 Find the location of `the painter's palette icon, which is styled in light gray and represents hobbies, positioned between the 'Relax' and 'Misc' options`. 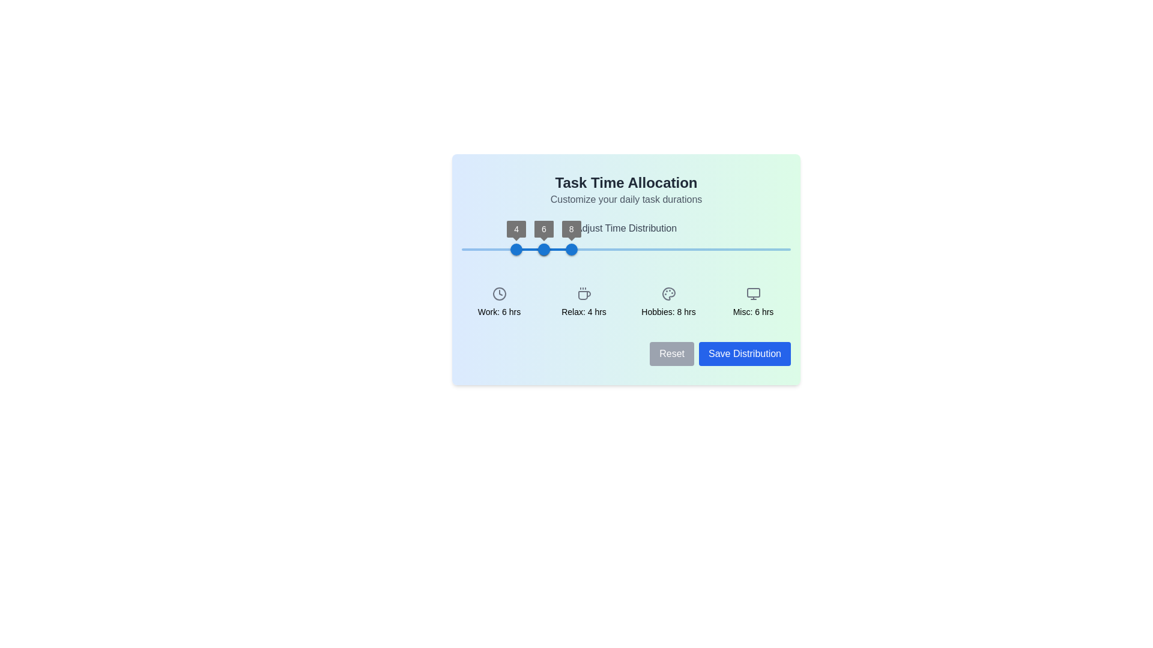

the painter's palette icon, which is styled in light gray and represents hobbies, positioned between the 'Relax' and 'Misc' options is located at coordinates (668, 293).